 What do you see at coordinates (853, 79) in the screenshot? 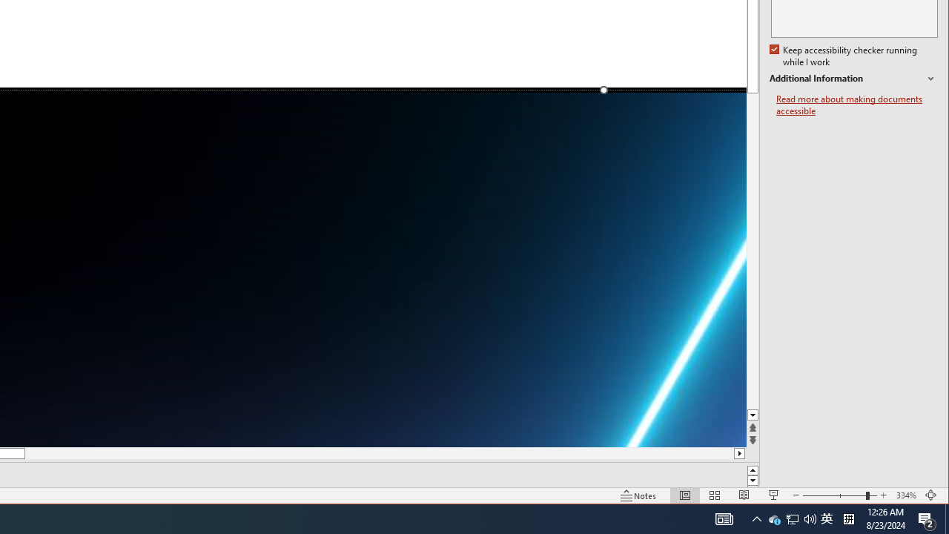
I see `'Additional Information'` at bounding box center [853, 79].